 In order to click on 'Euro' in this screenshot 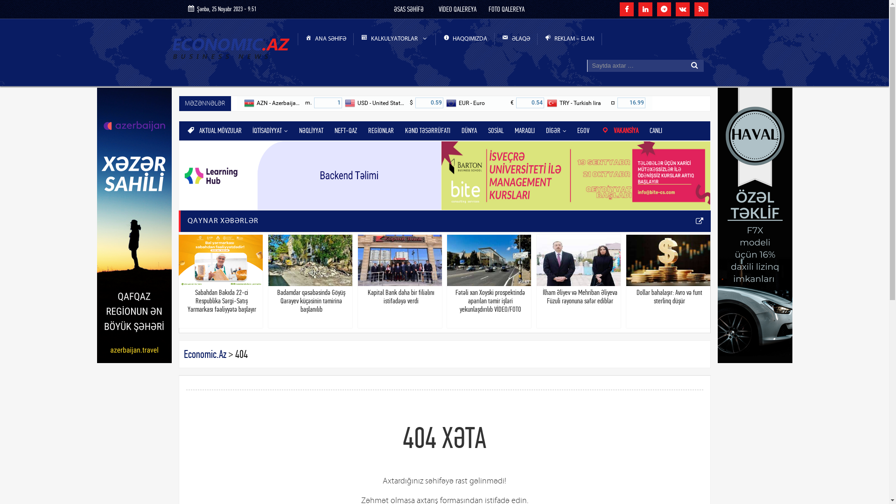, I will do `click(445, 103)`.